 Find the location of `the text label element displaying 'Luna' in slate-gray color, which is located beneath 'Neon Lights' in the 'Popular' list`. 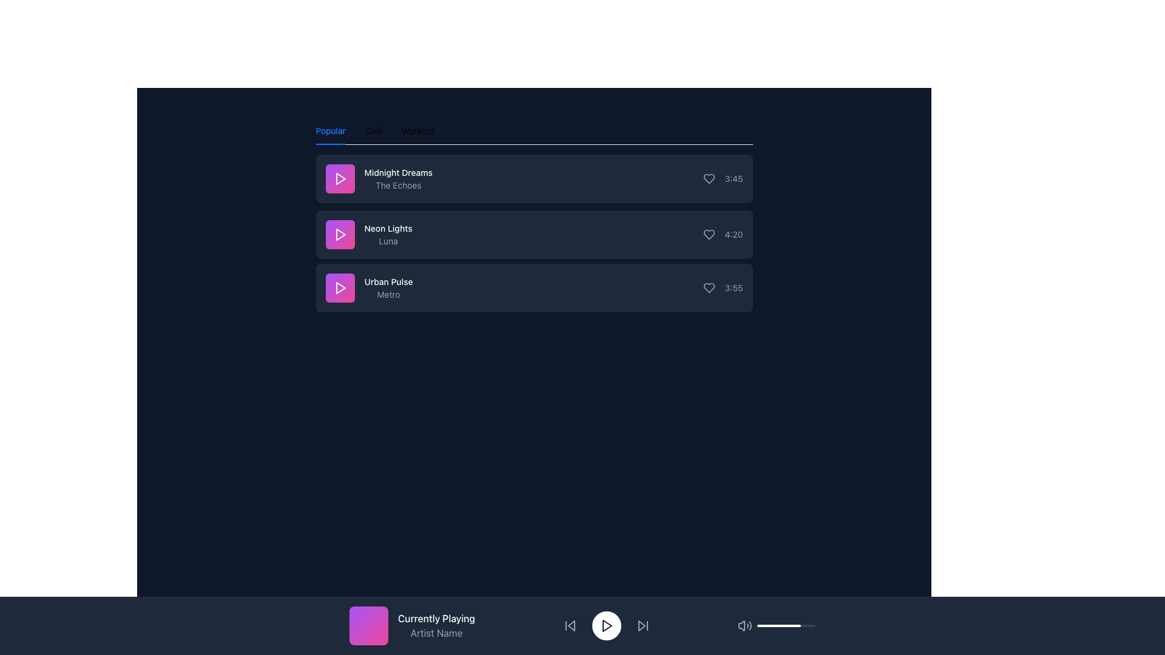

the text label element displaying 'Luna' in slate-gray color, which is located beneath 'Neon Lights' in the 'Popular' list is located at coordinates (388, 241).